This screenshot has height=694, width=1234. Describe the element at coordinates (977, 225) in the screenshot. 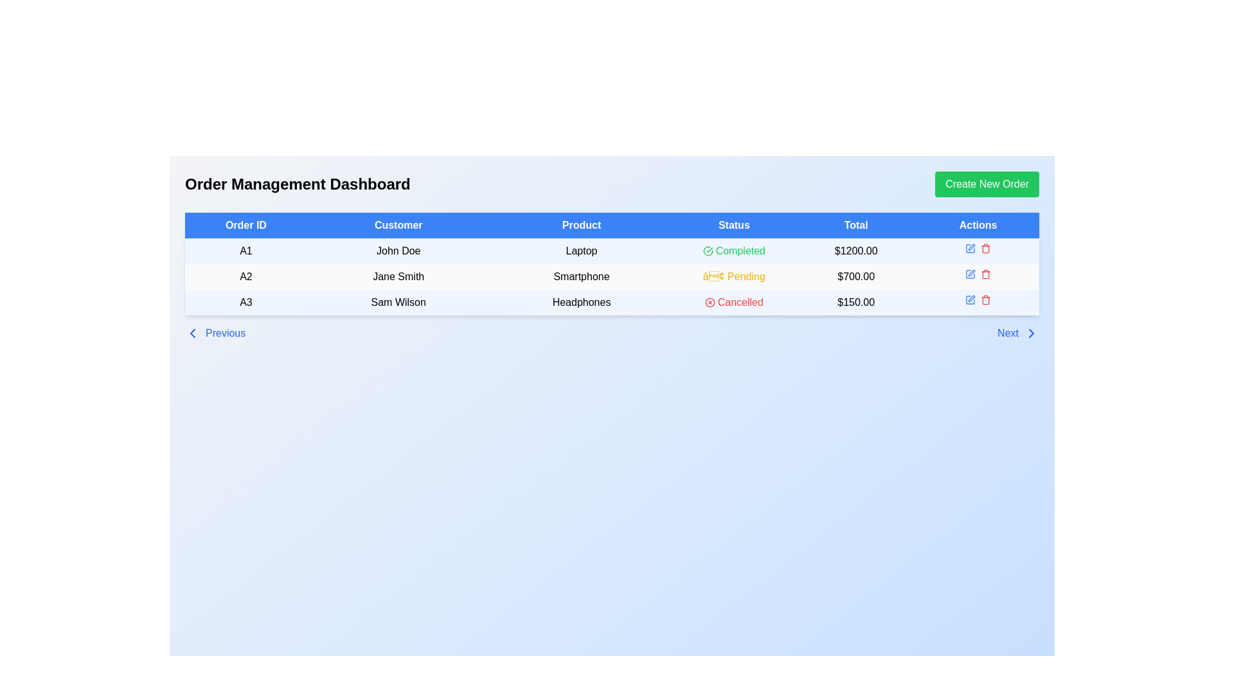

I see `the Table Header labeled 'Actions' with a blue background and white text, located in the top-right of the table, next to the 'Total' header` at that location.